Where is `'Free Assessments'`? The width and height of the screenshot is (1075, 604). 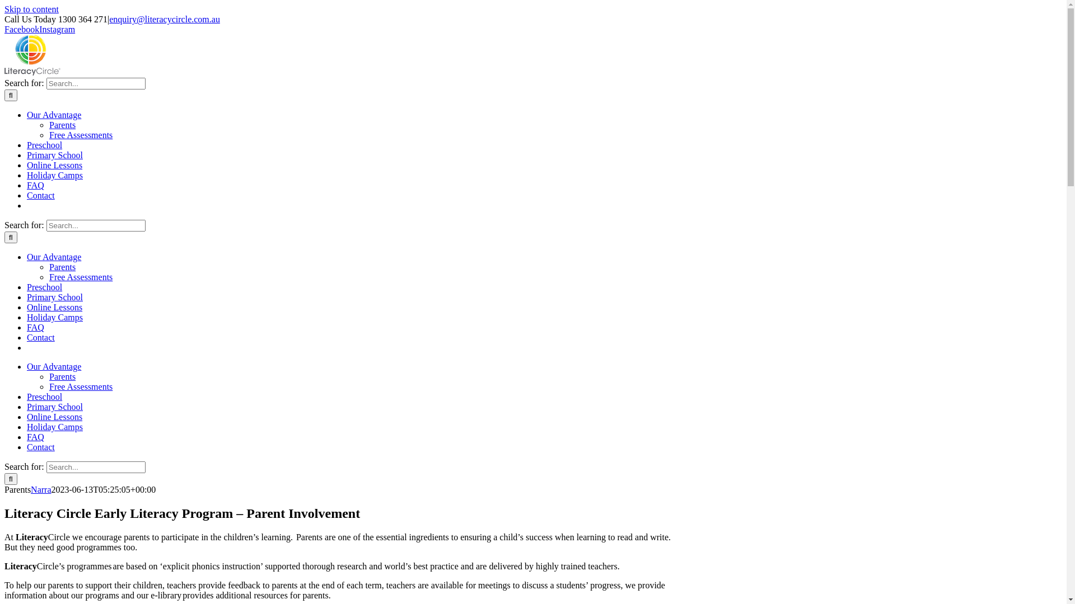 'Free Assessments' is located at coordinates (80, 386).